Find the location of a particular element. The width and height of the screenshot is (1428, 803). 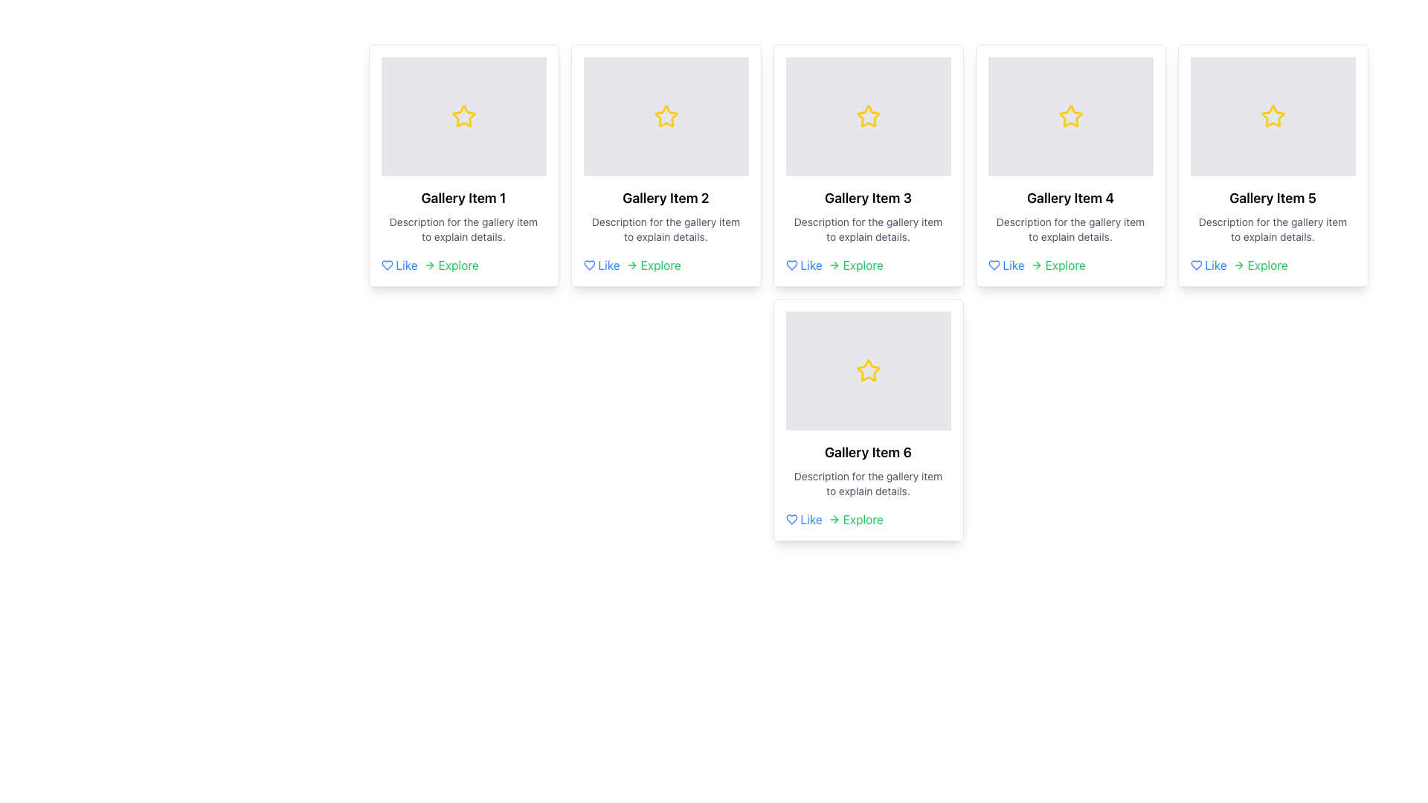

the rightward arrow icon, which is styled with a thin stroke in green, located within the 'Explore' link beneath 'Gallery Item 4' is located at coordinates (1035, 265).